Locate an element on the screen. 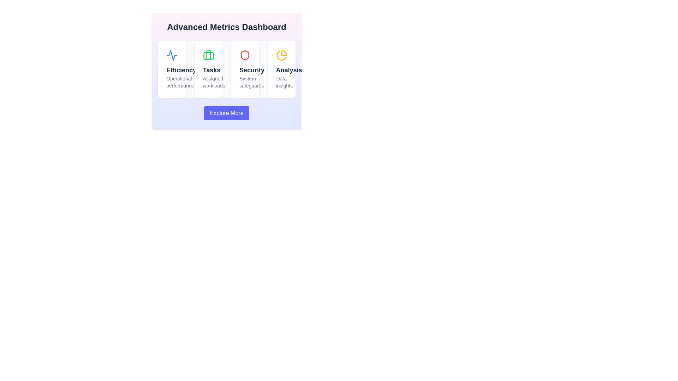 The height and width of the screenshot is (381, 678). the security icon located in the third position of the horizontal card array in the Advanced Metrics Dashboard is located at coordinates (245, 55).